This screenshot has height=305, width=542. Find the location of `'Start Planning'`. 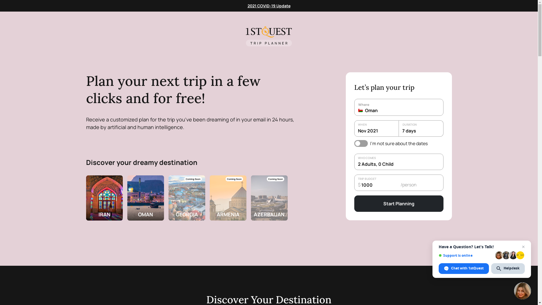

'Start Planning' is located at coordinates (398, 204).